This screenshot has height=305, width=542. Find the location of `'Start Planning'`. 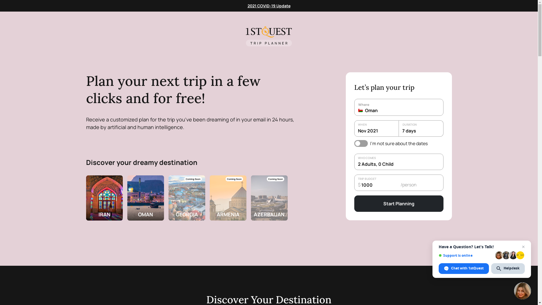

'Start Planning' is located at coordinates (398, 204).